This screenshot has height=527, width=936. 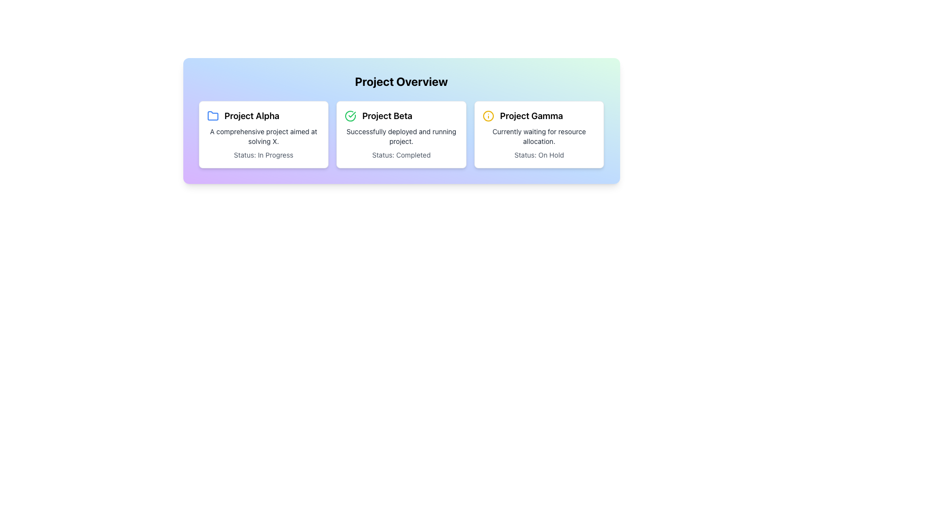 What do you see at coordinates (539, 137) in the screenshot?
I see `descriptive text indicating the current state of 'Project Gamma', which is the second line of text in the card labeled 'Project Gamma', located in the rightmost position under the 'Project Overview' header` at bounding box center [539, 137].